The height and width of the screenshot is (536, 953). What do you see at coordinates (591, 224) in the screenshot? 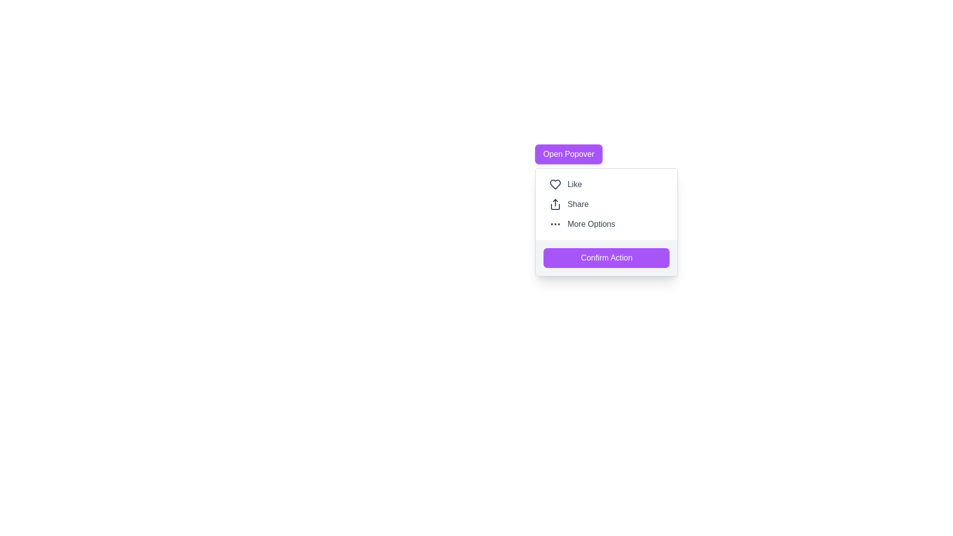
I see `text label indicating 'More Options' located in the lower section of a popover menu, to the right of three circular ellipsis dots` at bounding box center [591, 224].